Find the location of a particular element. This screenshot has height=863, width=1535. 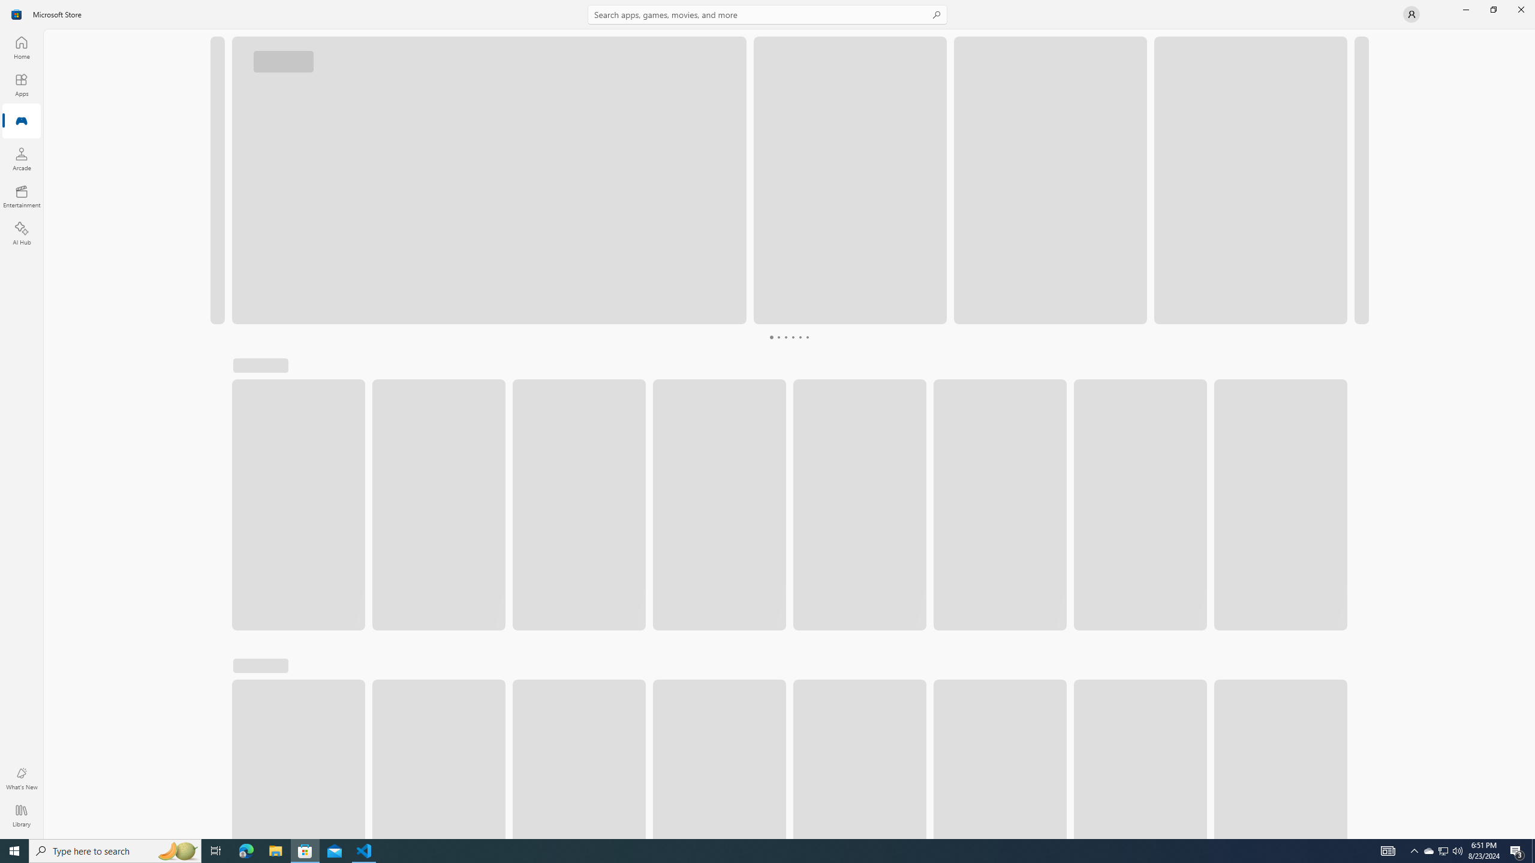

'User profile' is located at coordinates (1410, 13).